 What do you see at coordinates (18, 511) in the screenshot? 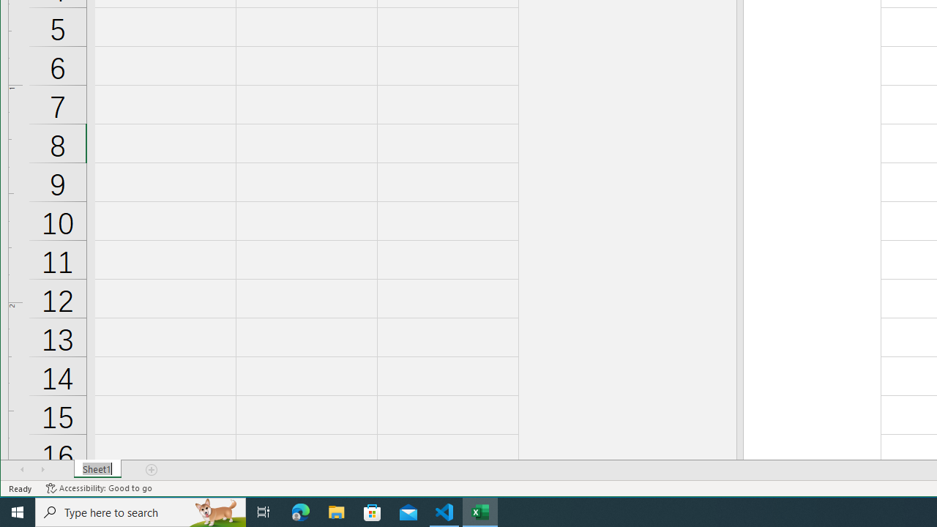
I see `'Start'` at bounding box center [18, 511].